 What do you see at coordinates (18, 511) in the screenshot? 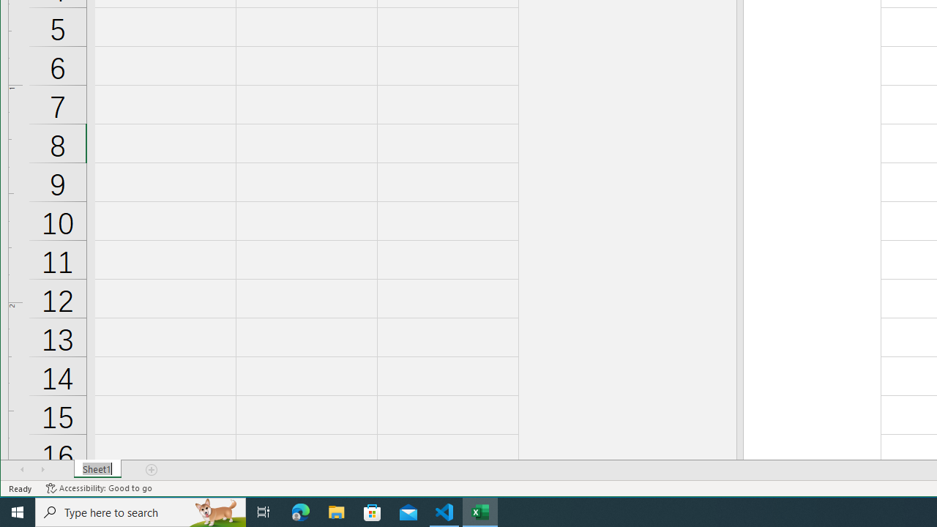
I see `'Start'` at bounding box center [18, 511].